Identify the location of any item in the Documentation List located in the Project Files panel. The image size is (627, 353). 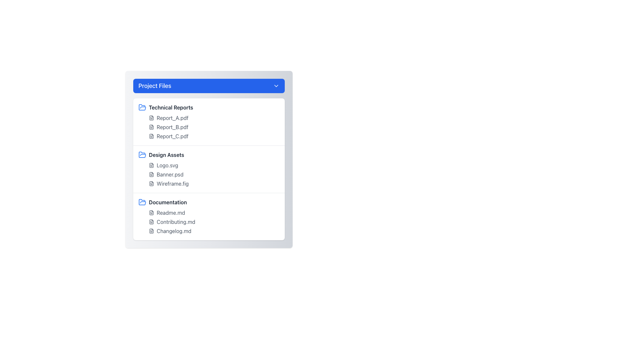
(208, 221).